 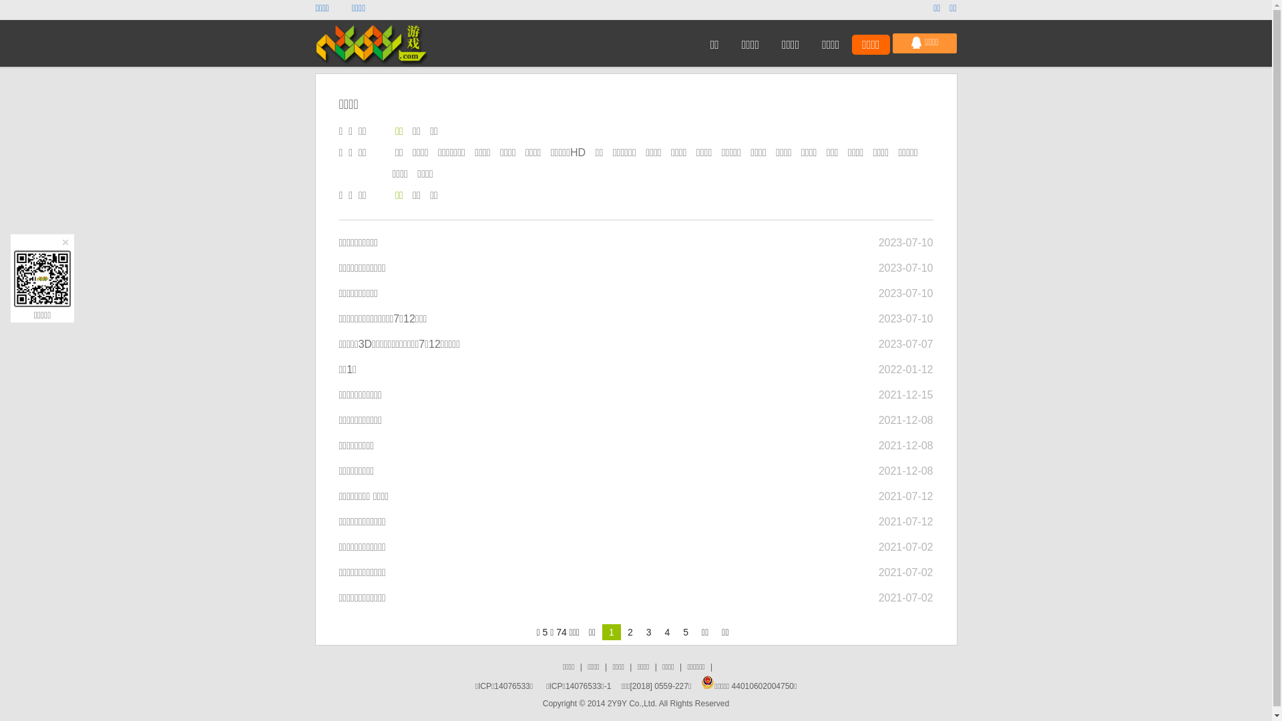 What do you see at coordinates (611, 632) in the screenshot?
I see `'1'` at bounding box center [611, 632].